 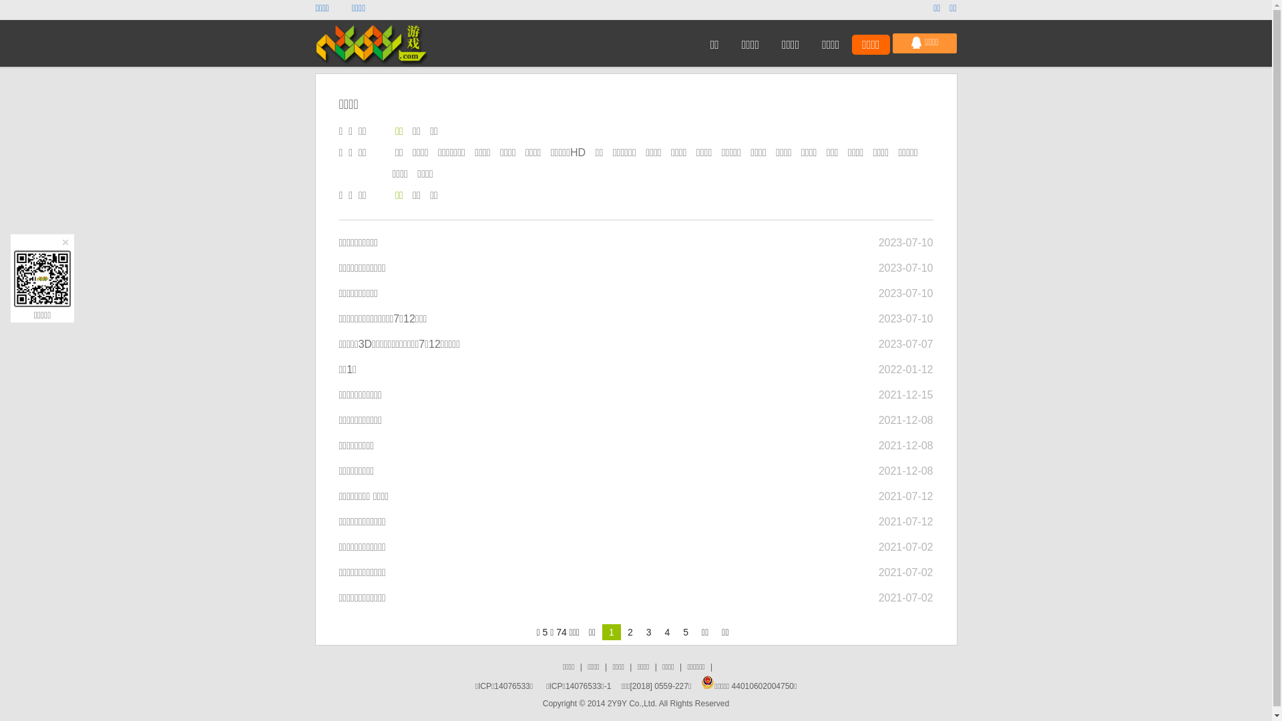 What do you see at coordinates (611, 632) in the screenshot?
I see `'1'` at bounding box center [611, 632].